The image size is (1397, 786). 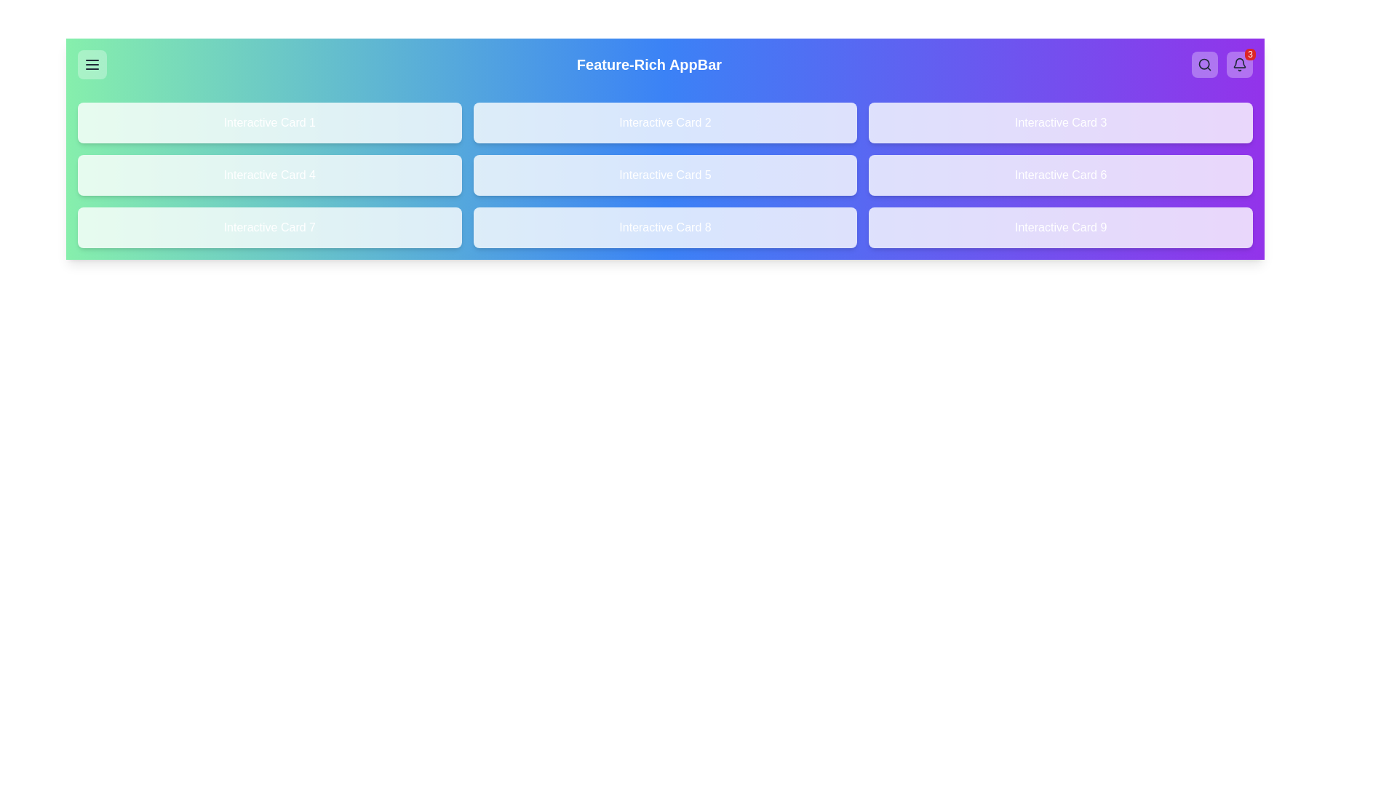 I want to click on the search button to initiate a search action, so click(x=1205, y=63).